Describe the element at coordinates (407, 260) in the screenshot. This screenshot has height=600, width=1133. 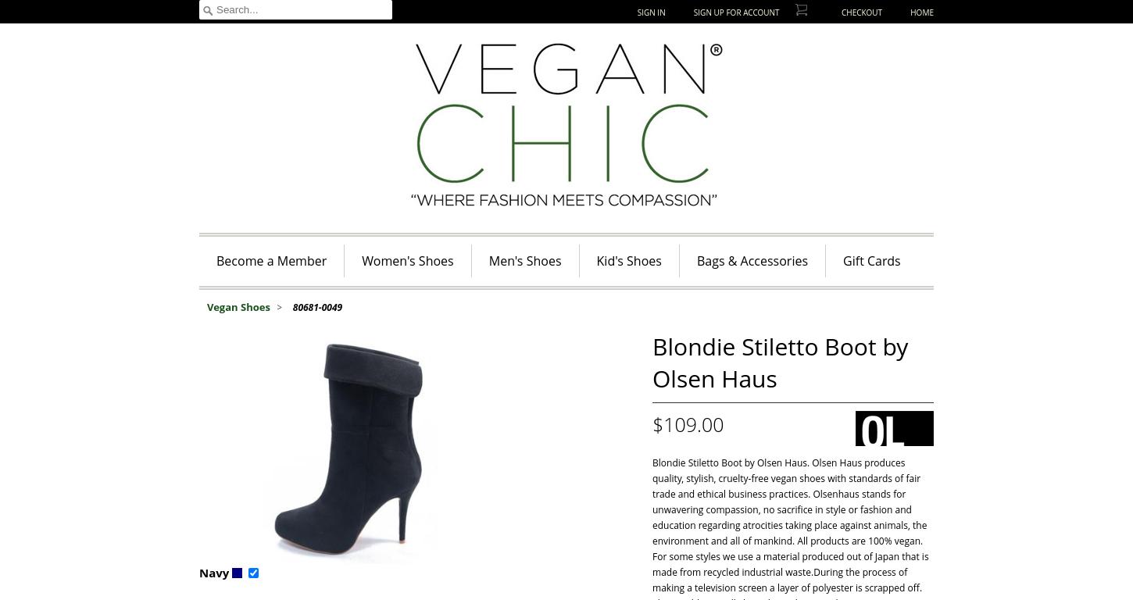
I see `'Women's Shoes'` at that location.